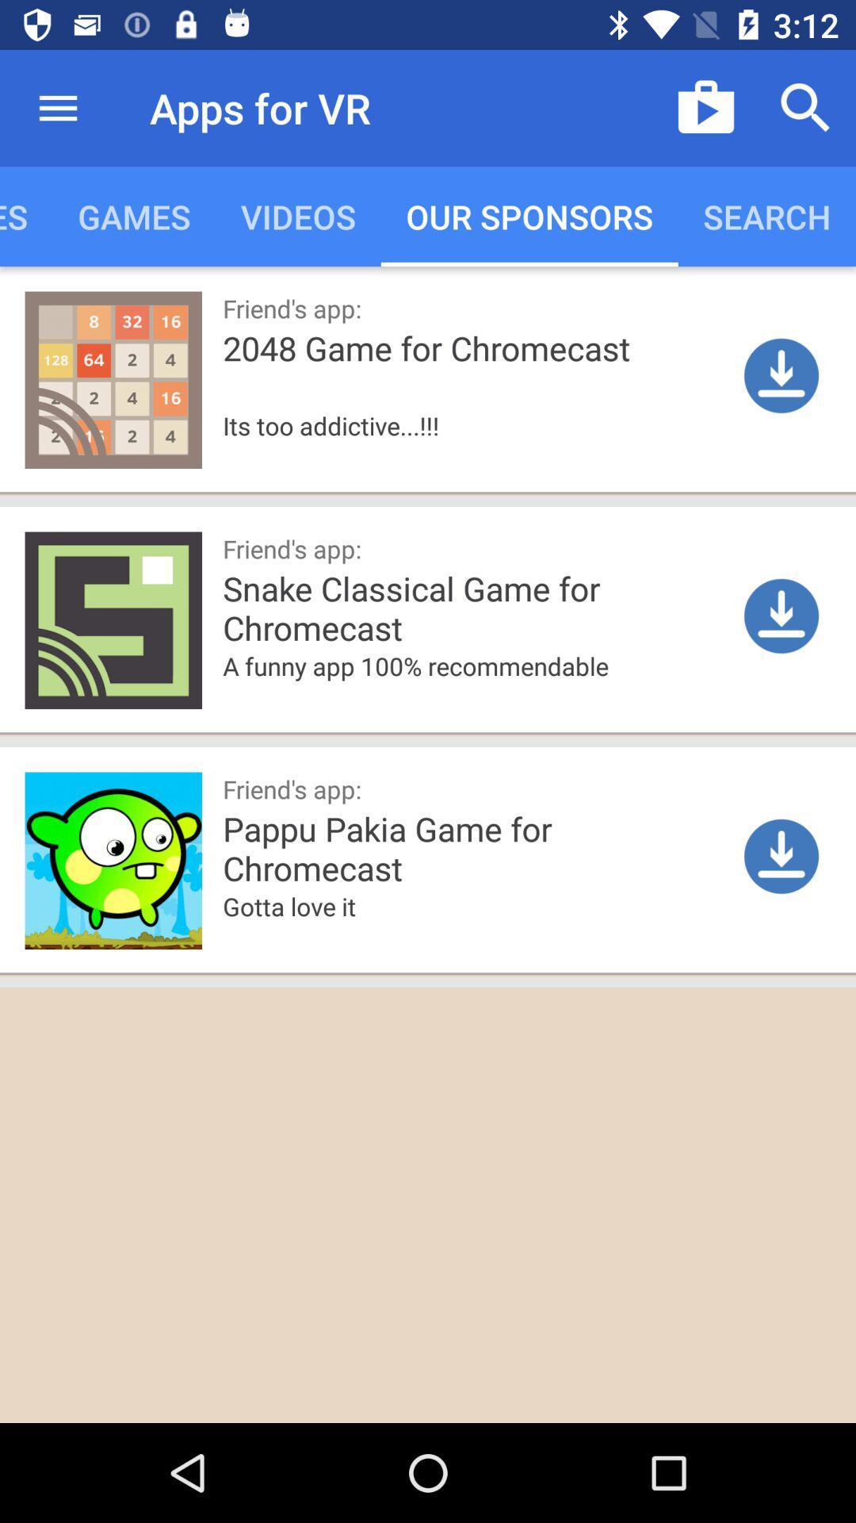 The image size is (856, 1523). I want to click on item to the left of the apps for vr, so click(57, 107).